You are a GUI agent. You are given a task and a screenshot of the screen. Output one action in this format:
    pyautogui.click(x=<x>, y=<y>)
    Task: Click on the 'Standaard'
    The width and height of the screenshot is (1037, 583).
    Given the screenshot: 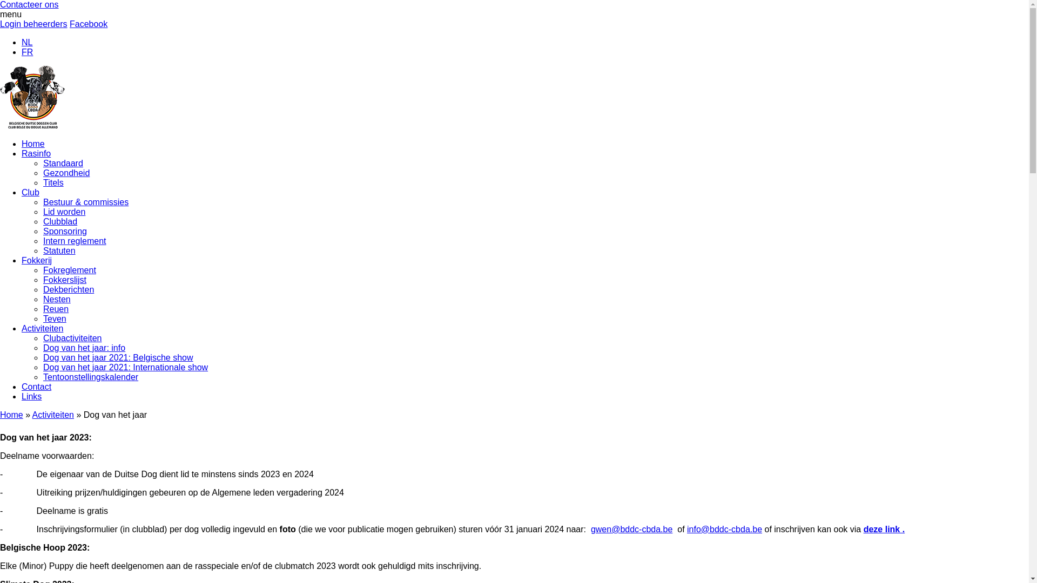 What is the action you would take?
    pyautogui.click(x=62, y=163)
    